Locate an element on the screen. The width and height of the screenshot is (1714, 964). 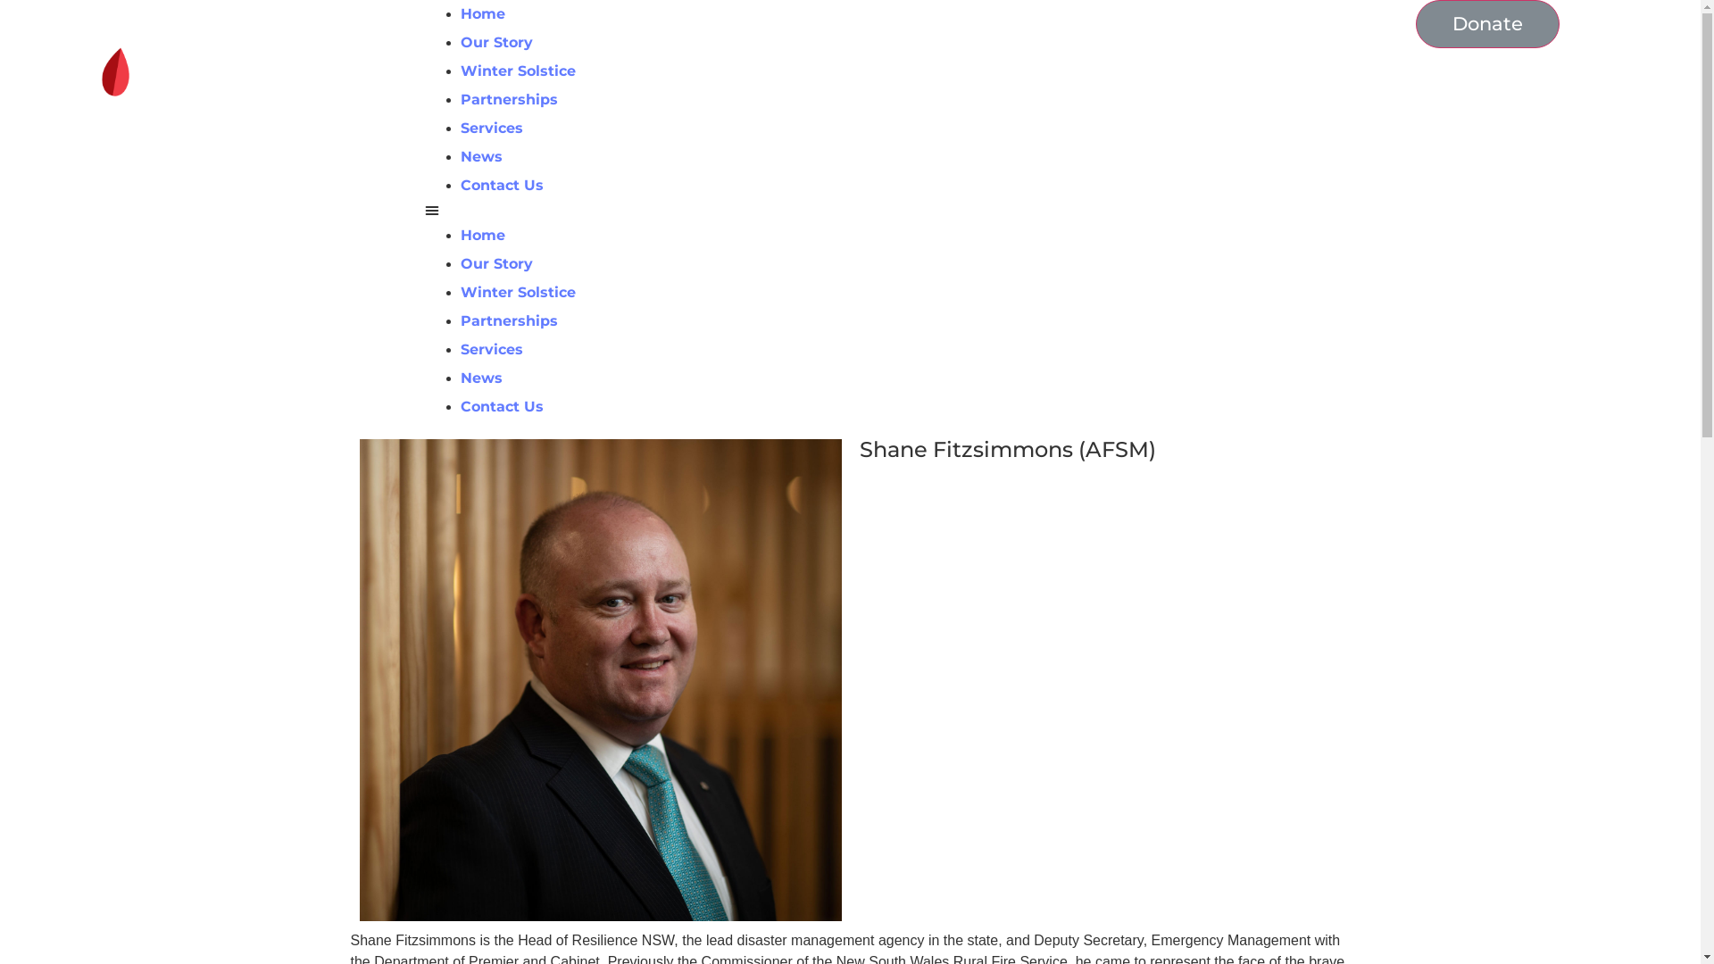
'Donate' is located at coordinates (1487, 24).